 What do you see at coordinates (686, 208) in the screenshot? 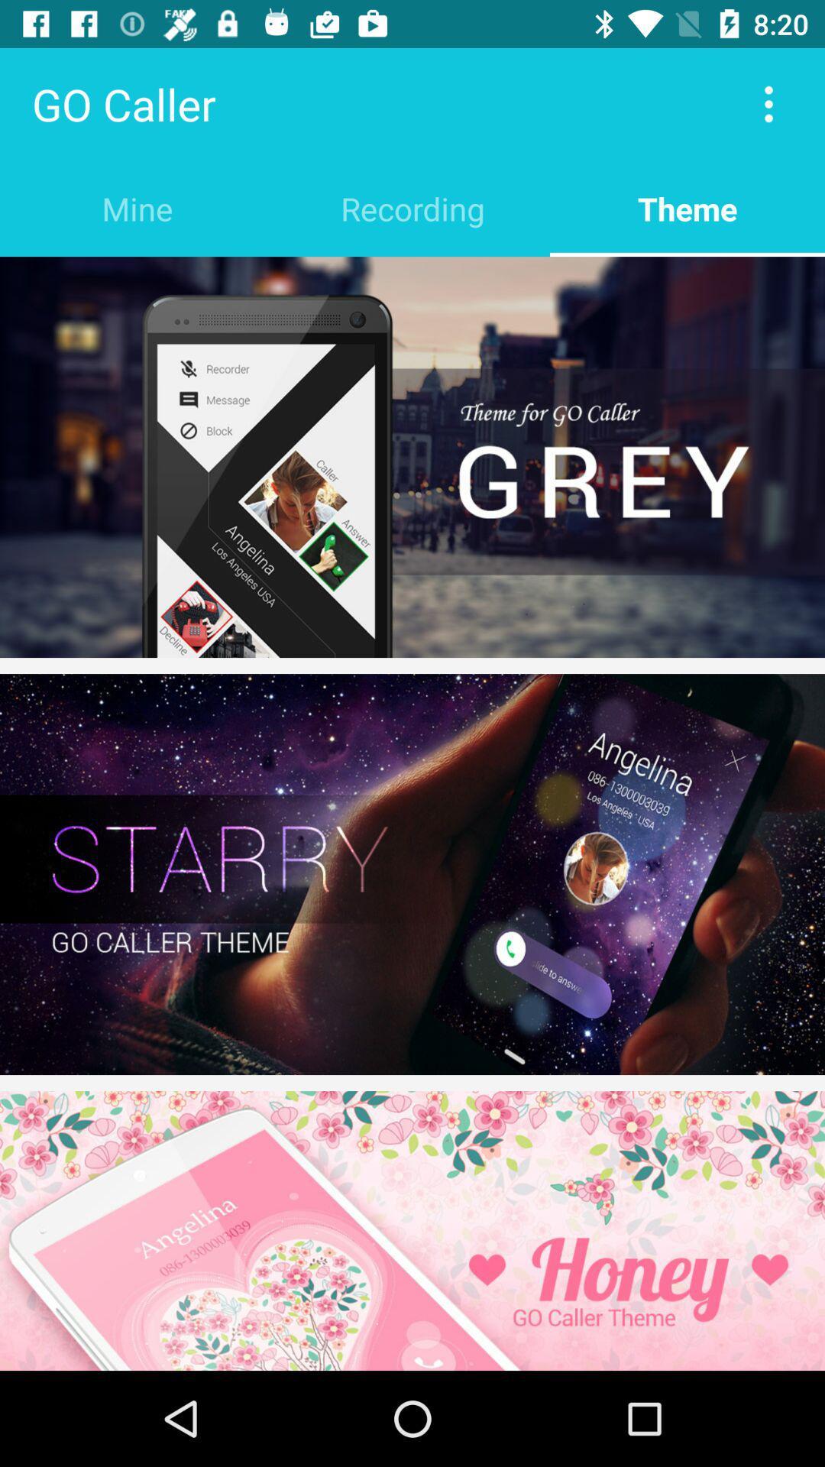
I see `icon next to recording item` at bounding box center [686, 208].